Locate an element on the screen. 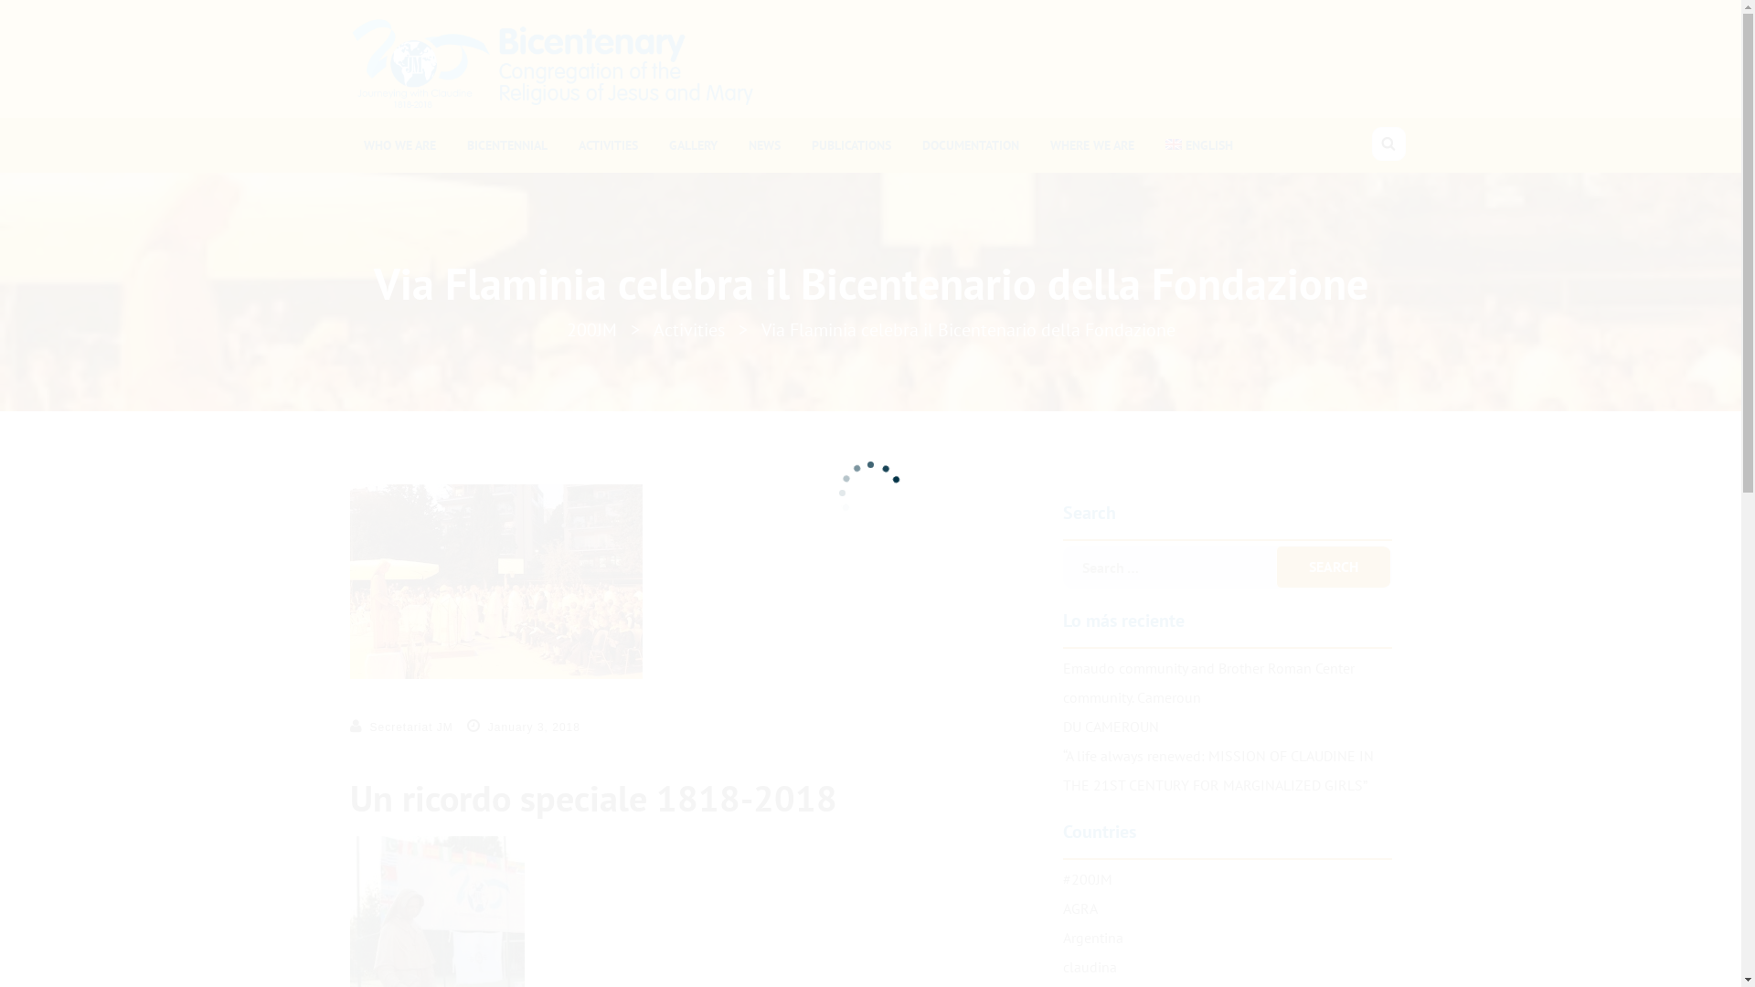 This screenshot has width=1755, height=987. 'Activities' is located at coordinates (687, 330).